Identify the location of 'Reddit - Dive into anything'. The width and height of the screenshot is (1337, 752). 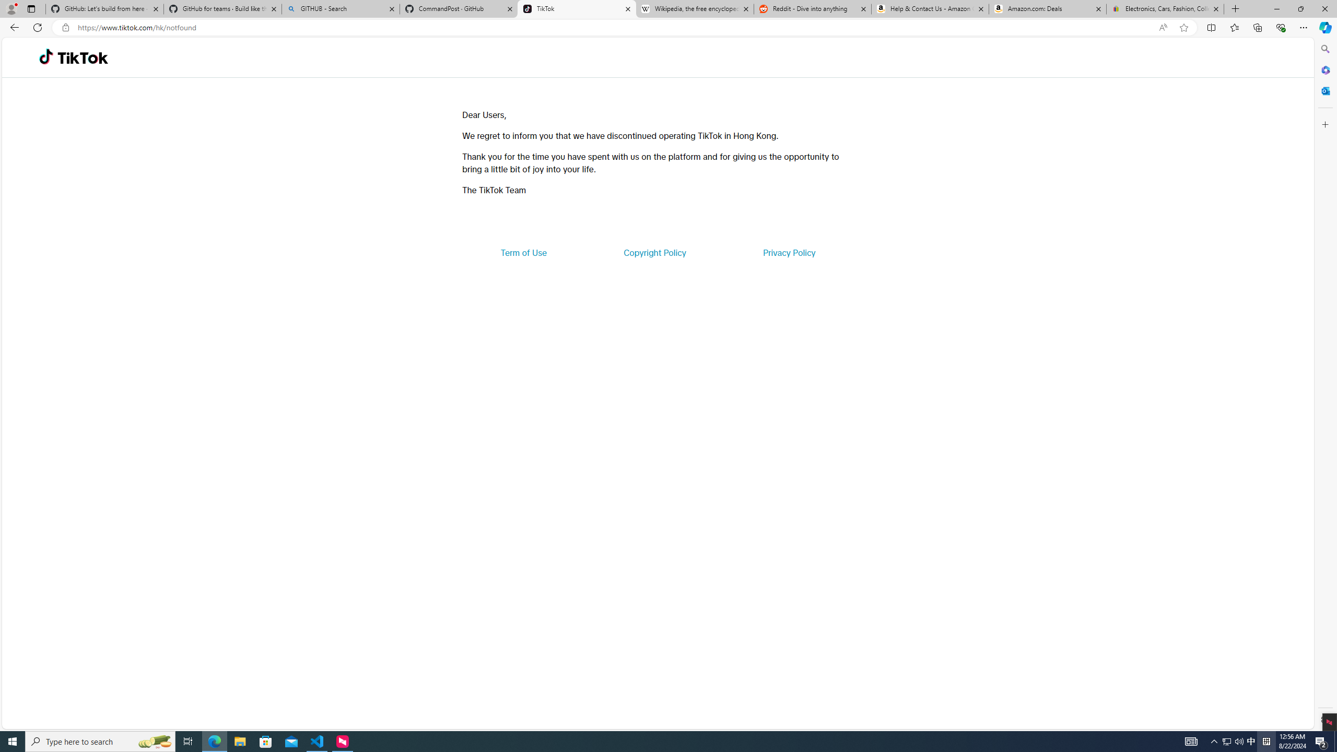
(813, 8).